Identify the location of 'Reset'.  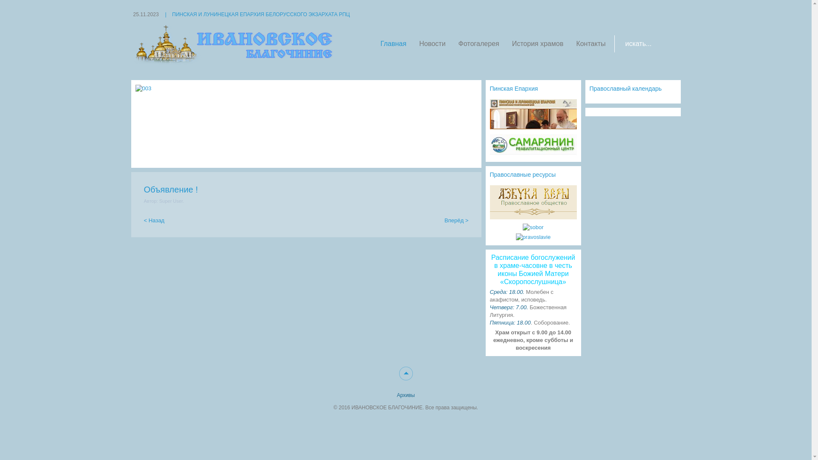
(2, 1).